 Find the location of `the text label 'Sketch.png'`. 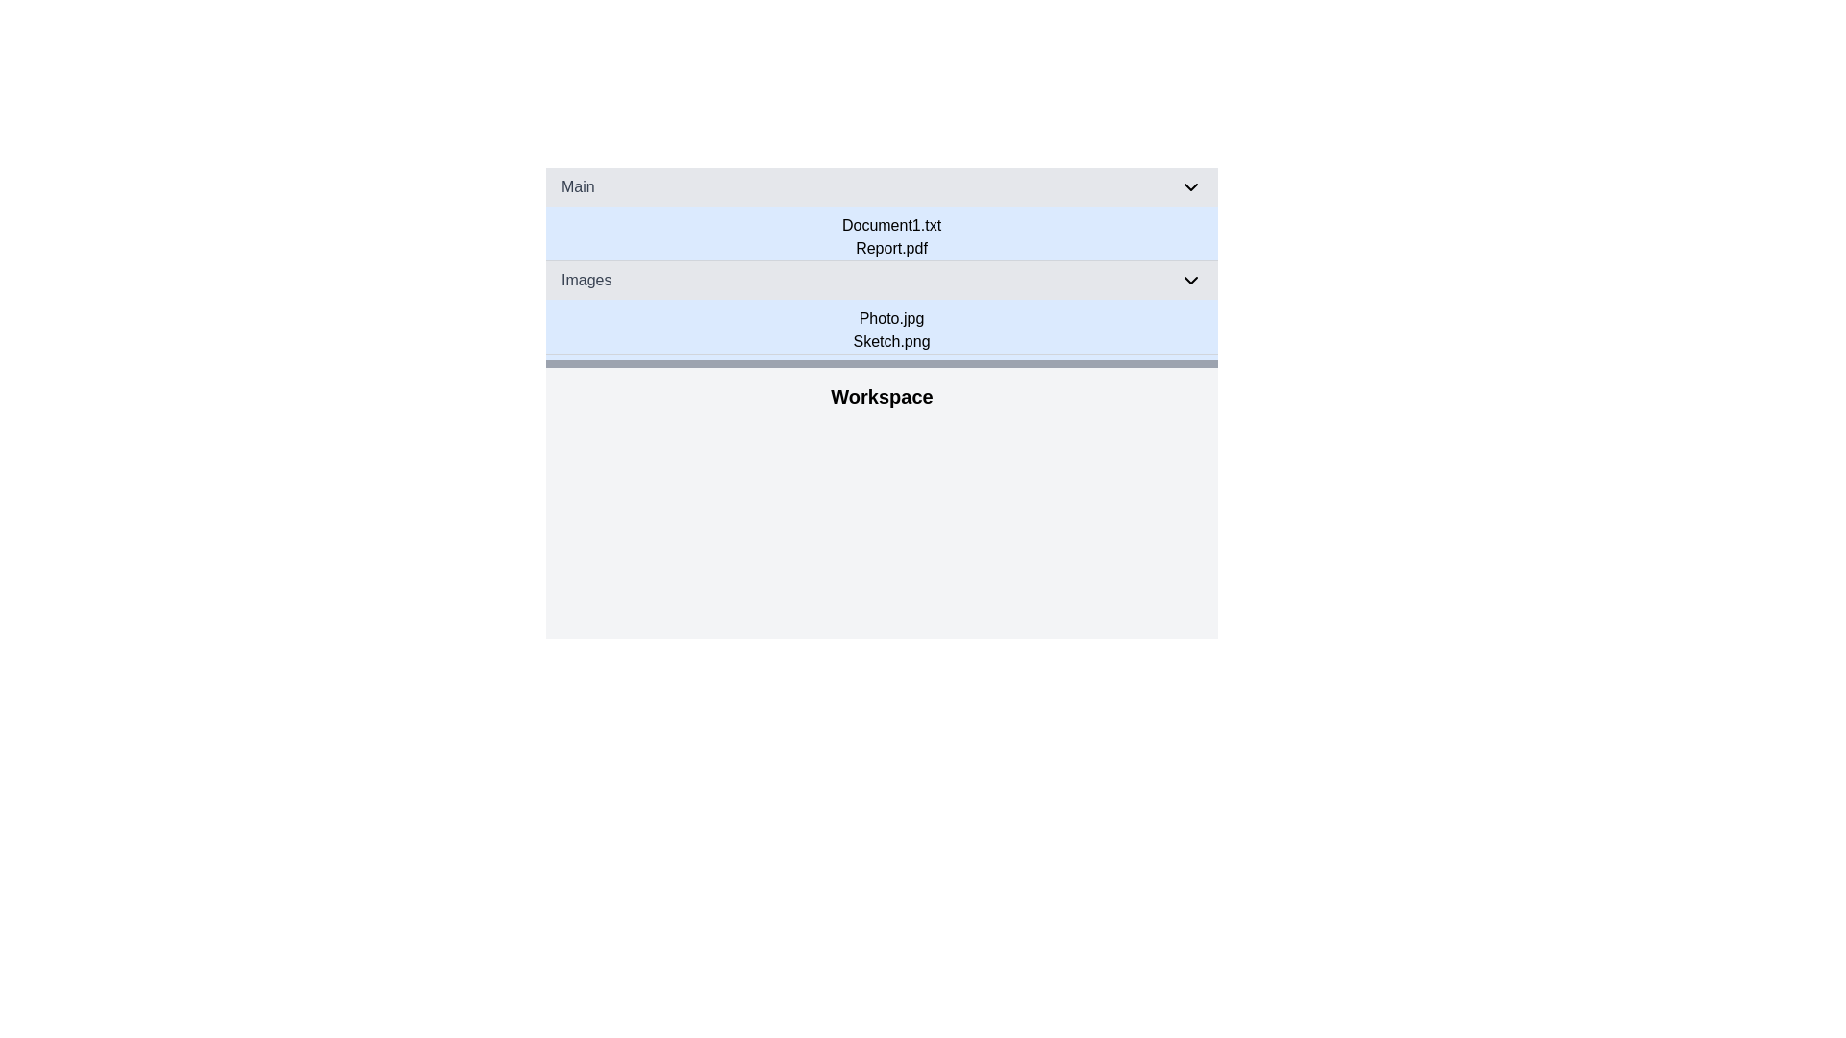

the text label 'Sketch.png' is located at coordinates (890, 340).